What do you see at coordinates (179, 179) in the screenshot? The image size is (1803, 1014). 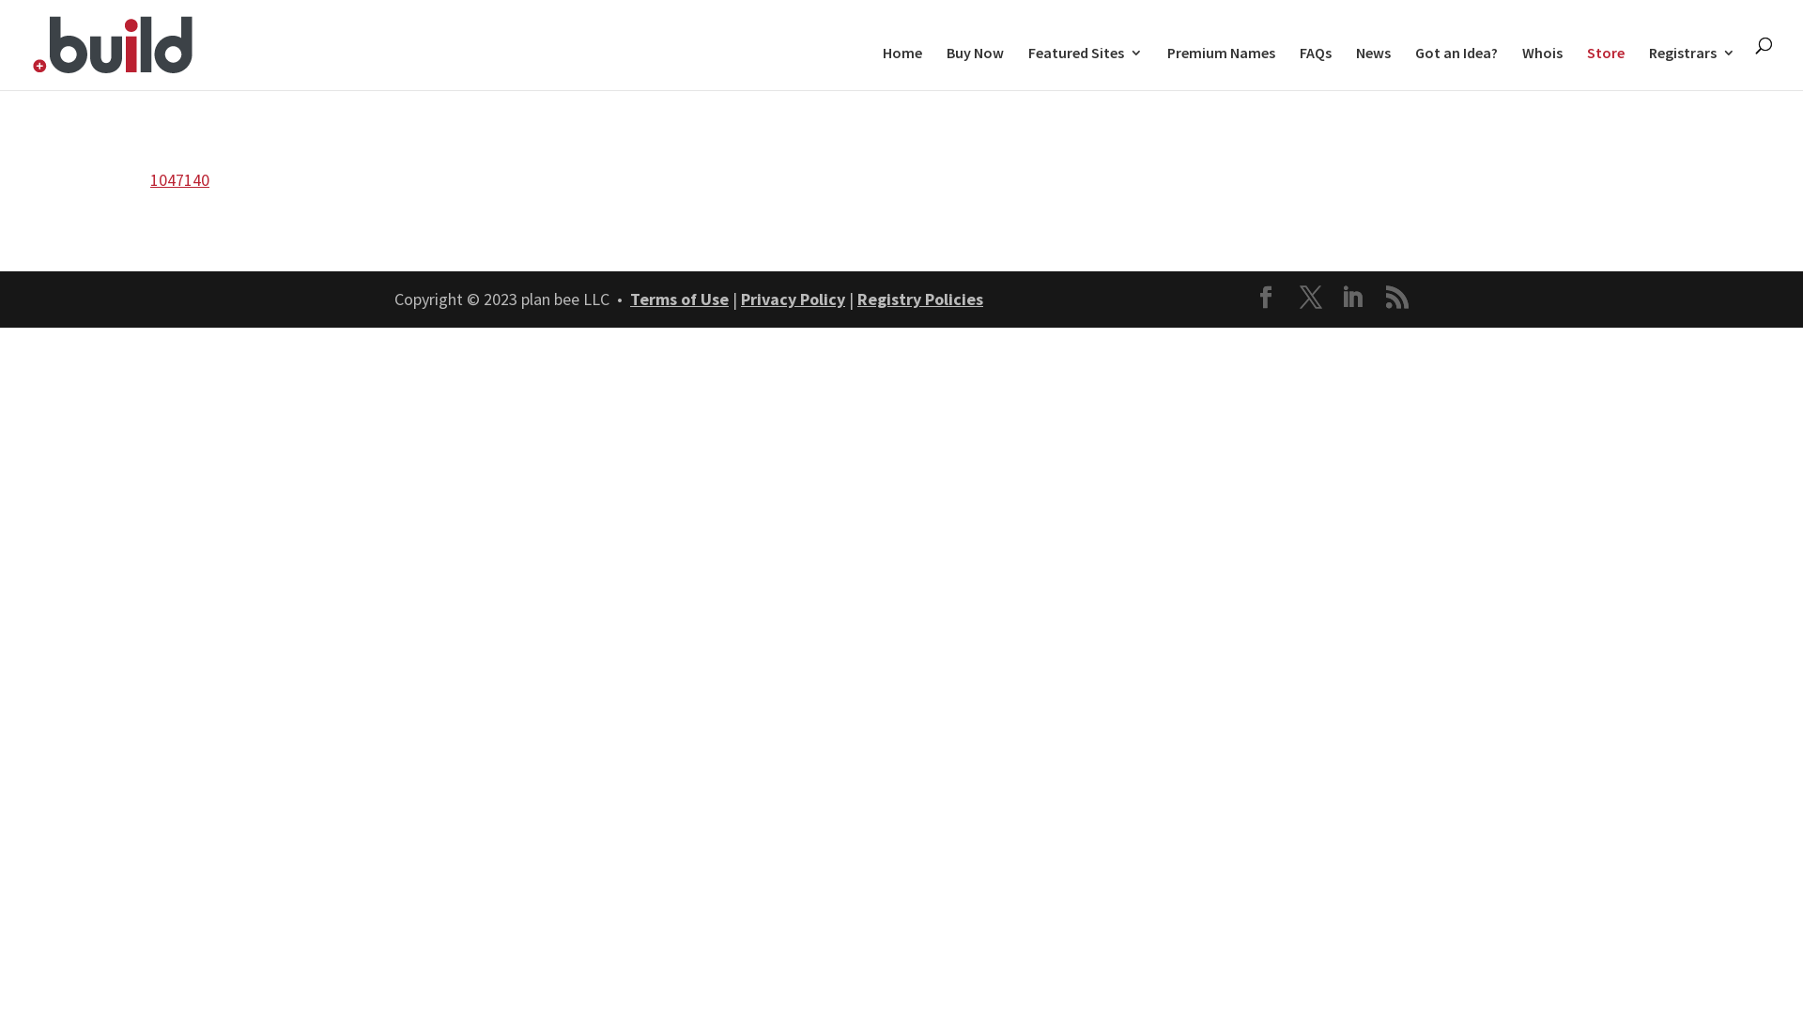 I see `'1047140'` at bounding box center [179, 179].